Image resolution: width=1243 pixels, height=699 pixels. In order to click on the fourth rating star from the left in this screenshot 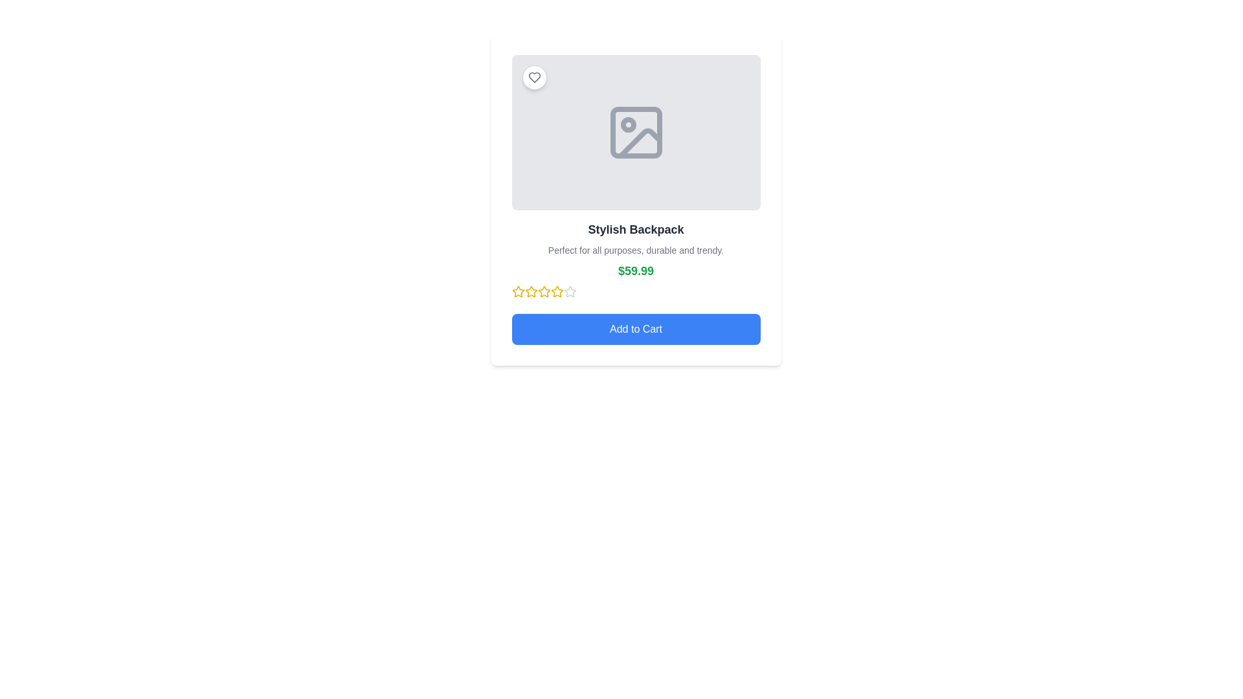, I will do `click(544, 292)`.